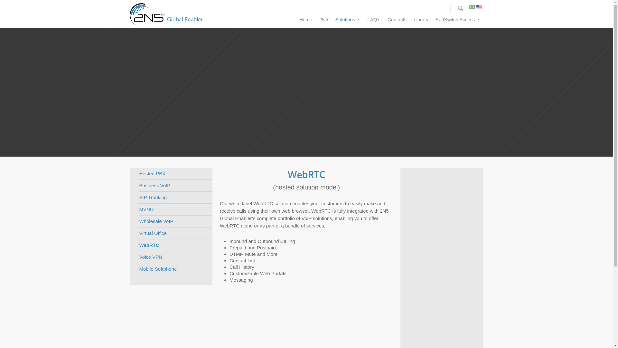 The image size is (618, 348). Describe the element at coordinates (175, 257) in the screenshot. I see `'Voice VPN'` at that location.